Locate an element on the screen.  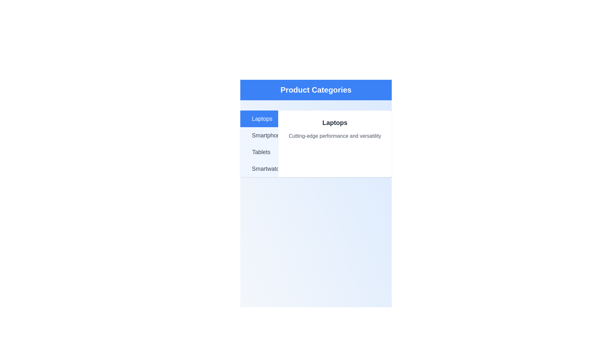
the tab labeled Smartwatches to display its products is located at coordinates (259, 169).